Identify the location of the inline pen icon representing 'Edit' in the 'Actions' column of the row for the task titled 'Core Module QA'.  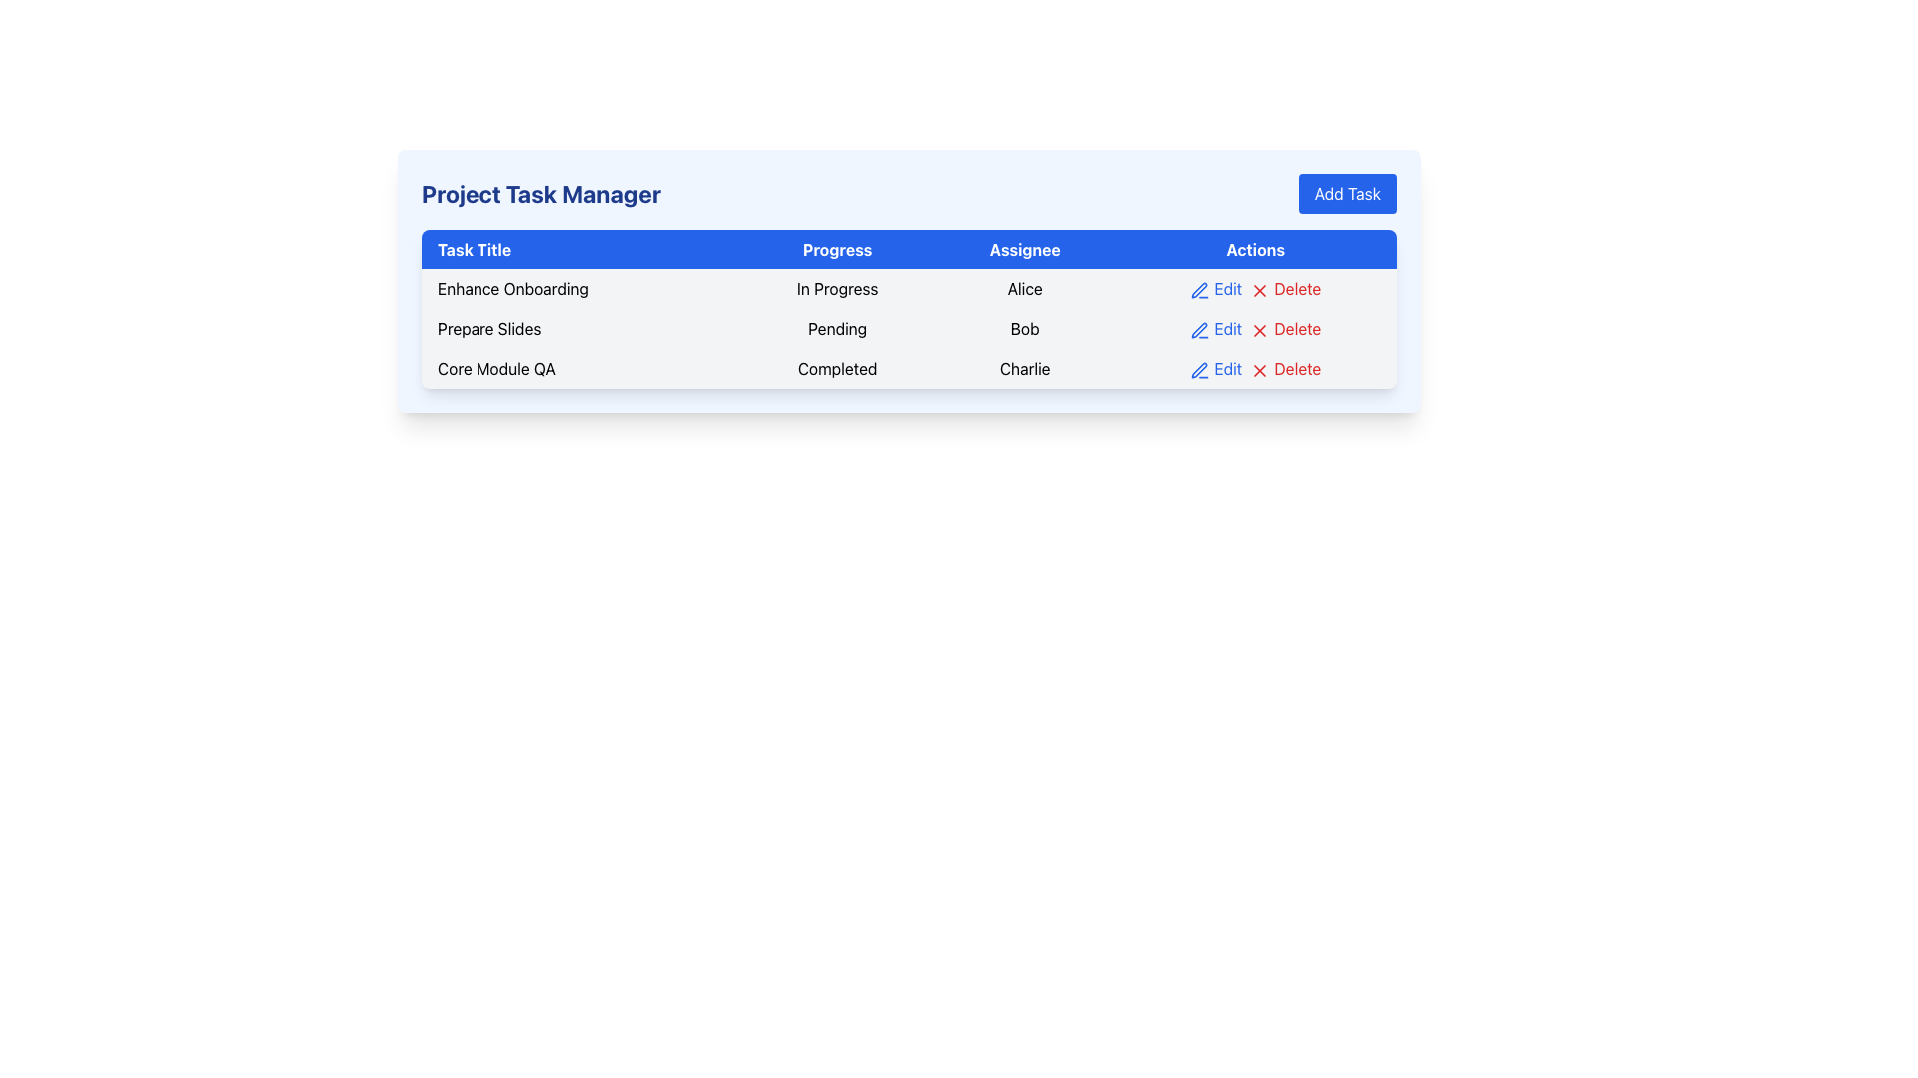
(1199, 370).